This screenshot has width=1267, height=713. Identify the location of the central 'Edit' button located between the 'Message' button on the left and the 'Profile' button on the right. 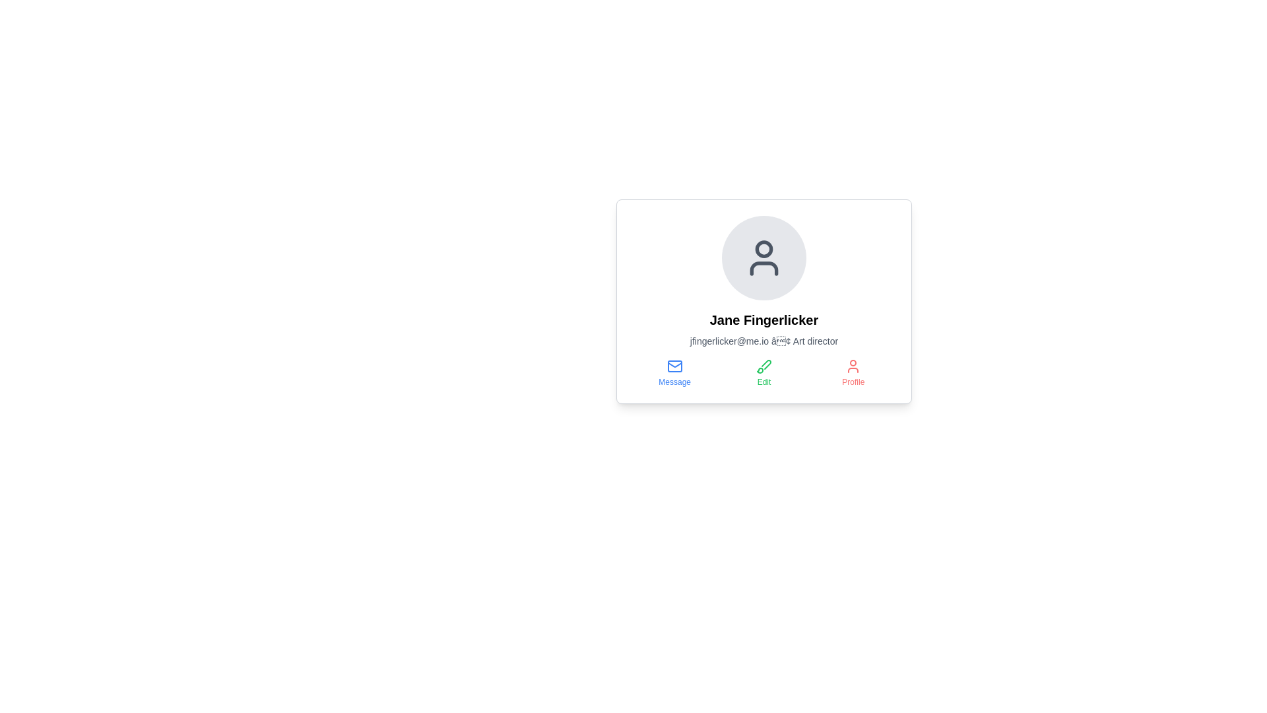
(763, 372).